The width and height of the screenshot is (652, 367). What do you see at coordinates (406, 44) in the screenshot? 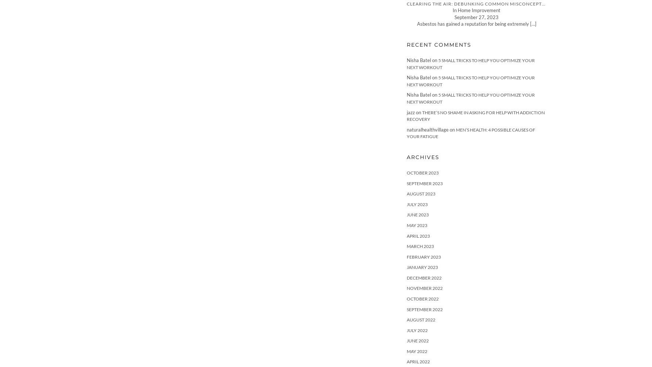
I see `'Recent Comments'` at bounding box center [406, 44].